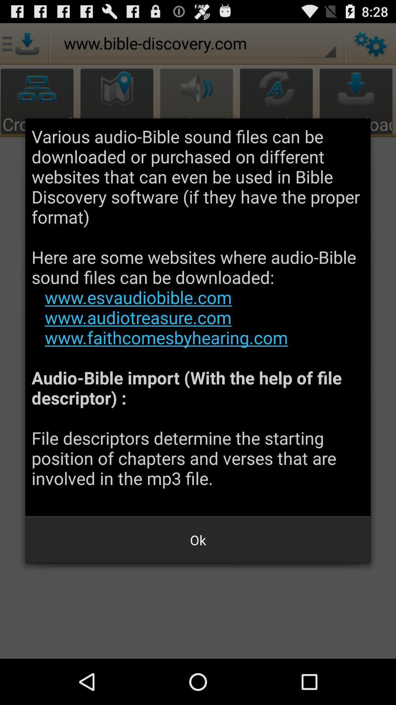  What do you see at coordinates (198, 540) in the screenshot?
I see `ok` at bounding box center [198, 540].